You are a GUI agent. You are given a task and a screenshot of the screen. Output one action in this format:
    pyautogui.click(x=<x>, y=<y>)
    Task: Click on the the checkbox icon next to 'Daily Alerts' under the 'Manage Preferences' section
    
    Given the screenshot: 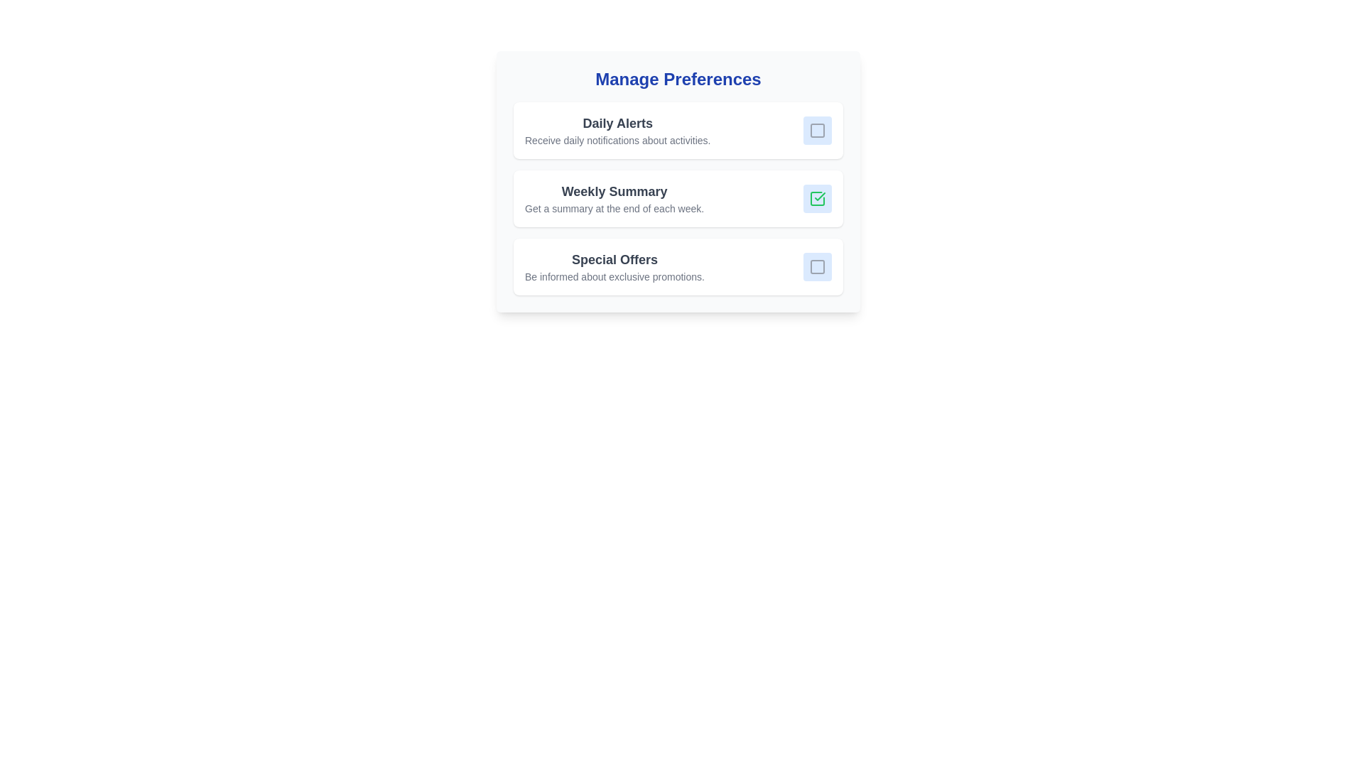 What is the action you would take?
    pyautogui.click(x=818, y=131)
    